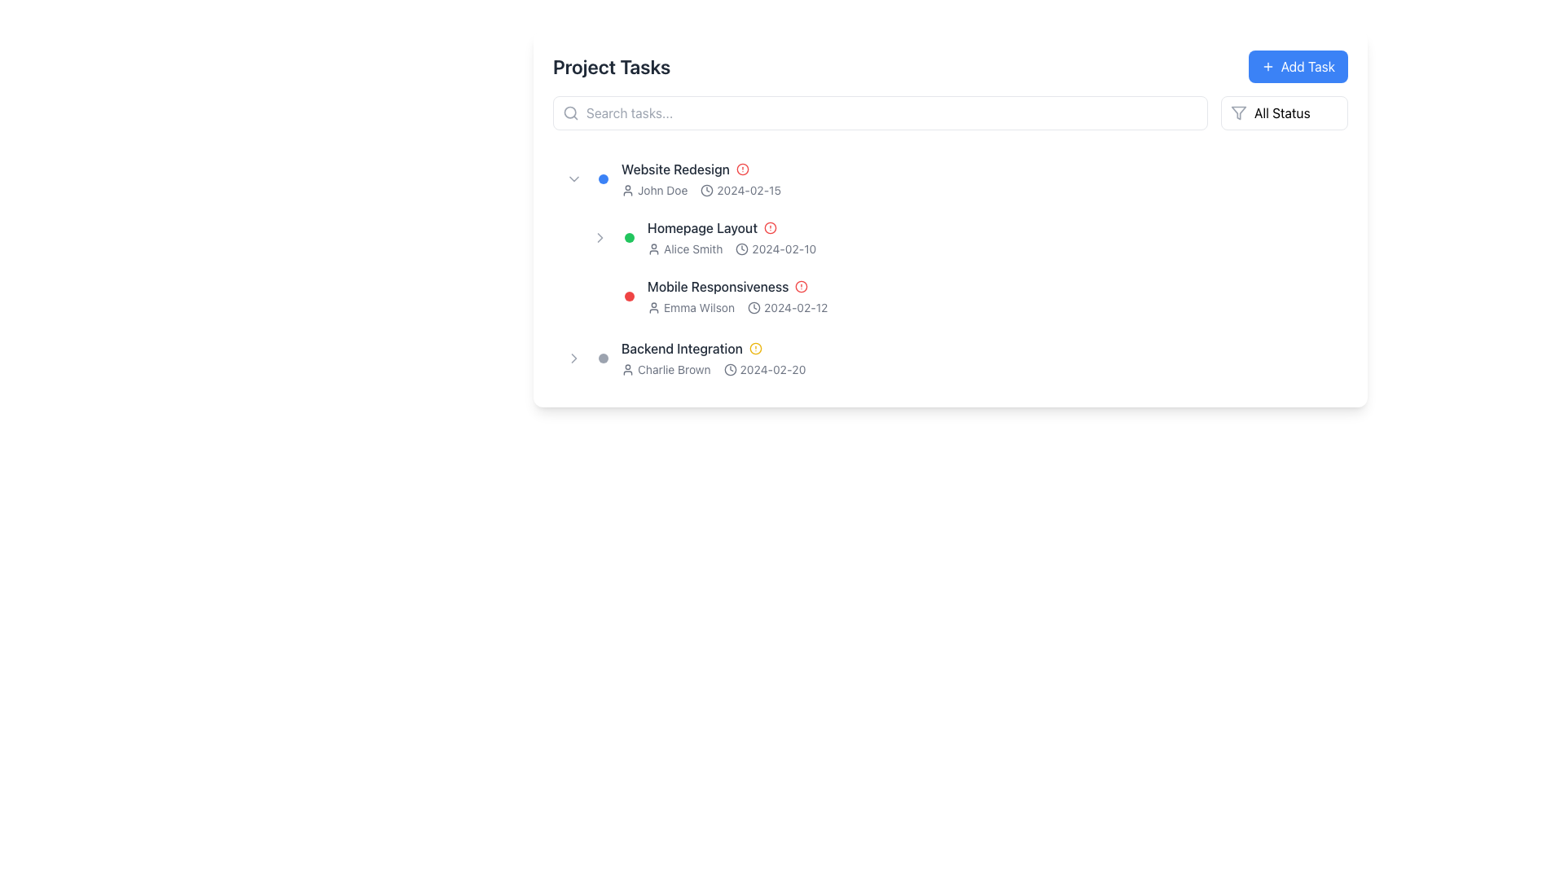  Describe the element at coordinates (602, 178) in the screenshot. I see `the small blue circular status indicator located to the left of the 'Website Redesign' text in the task listing area` at that location.